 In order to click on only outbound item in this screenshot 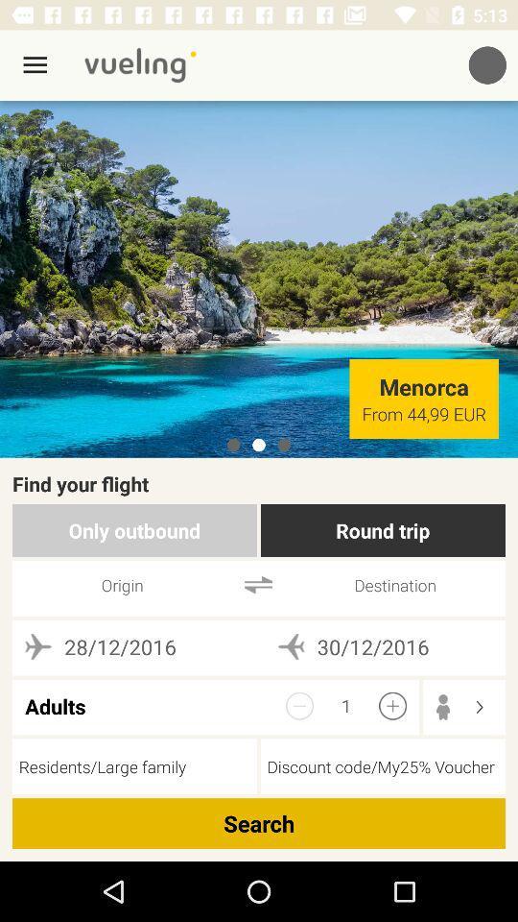, I will do `click(133, 530)`.